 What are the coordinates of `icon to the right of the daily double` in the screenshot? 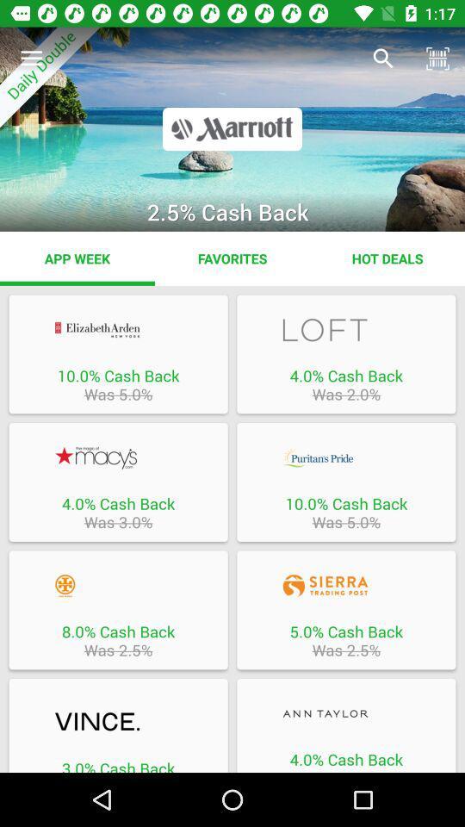 It's located at (383, 59).